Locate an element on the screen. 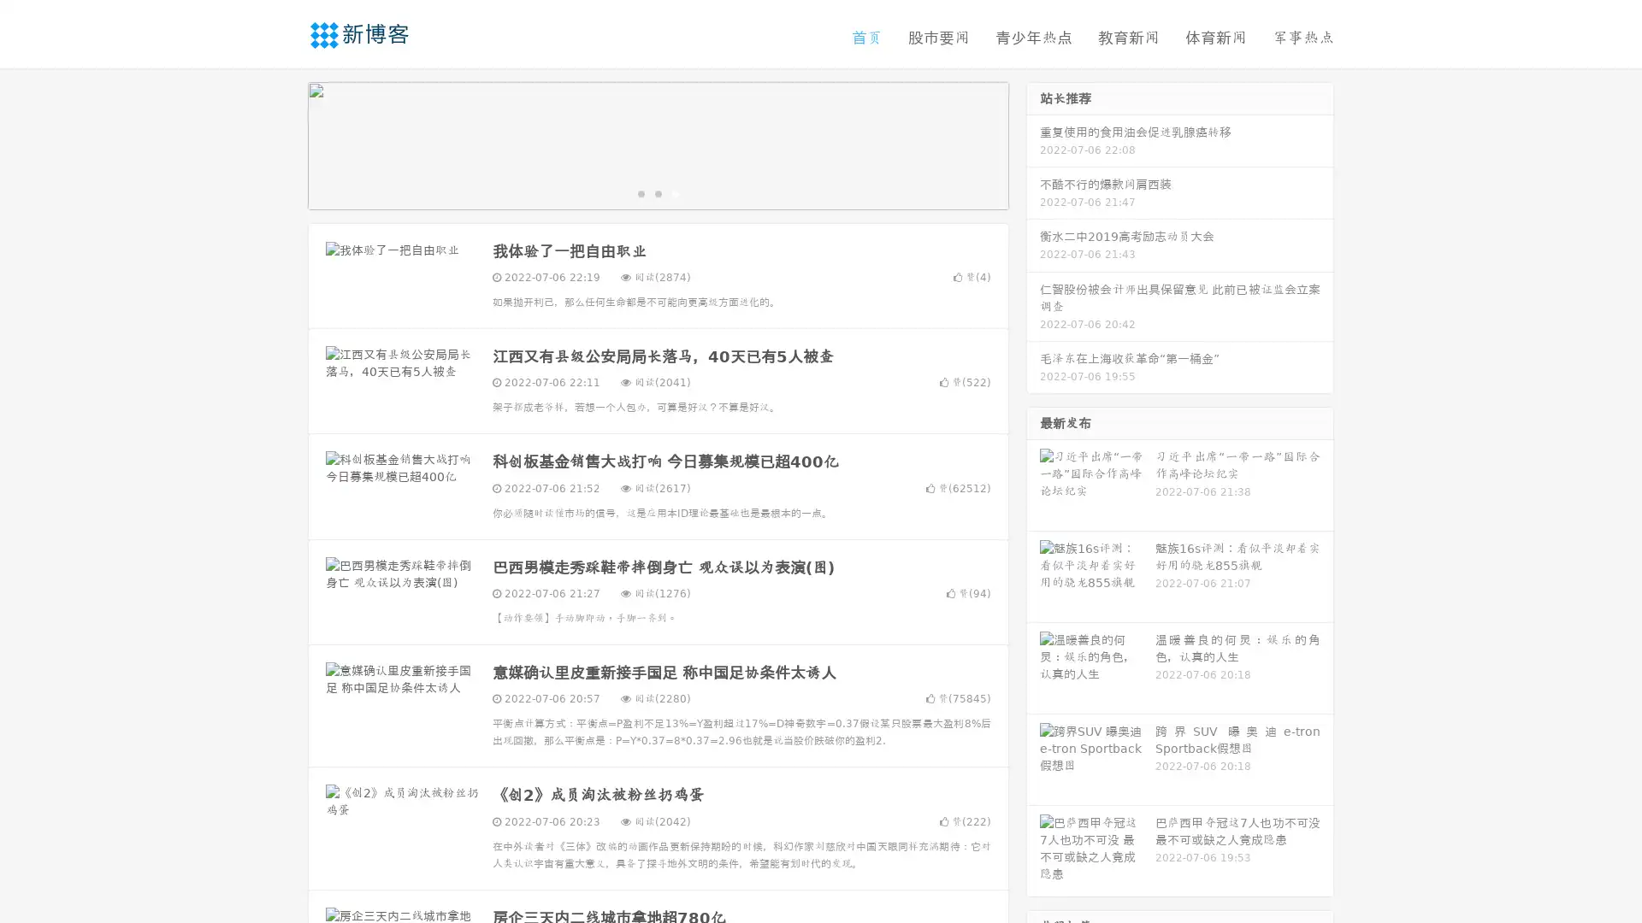 Image resolution: width=1642 pixels, height=923 pixels. Go to slide 1 is located at coordinates (640, 192).